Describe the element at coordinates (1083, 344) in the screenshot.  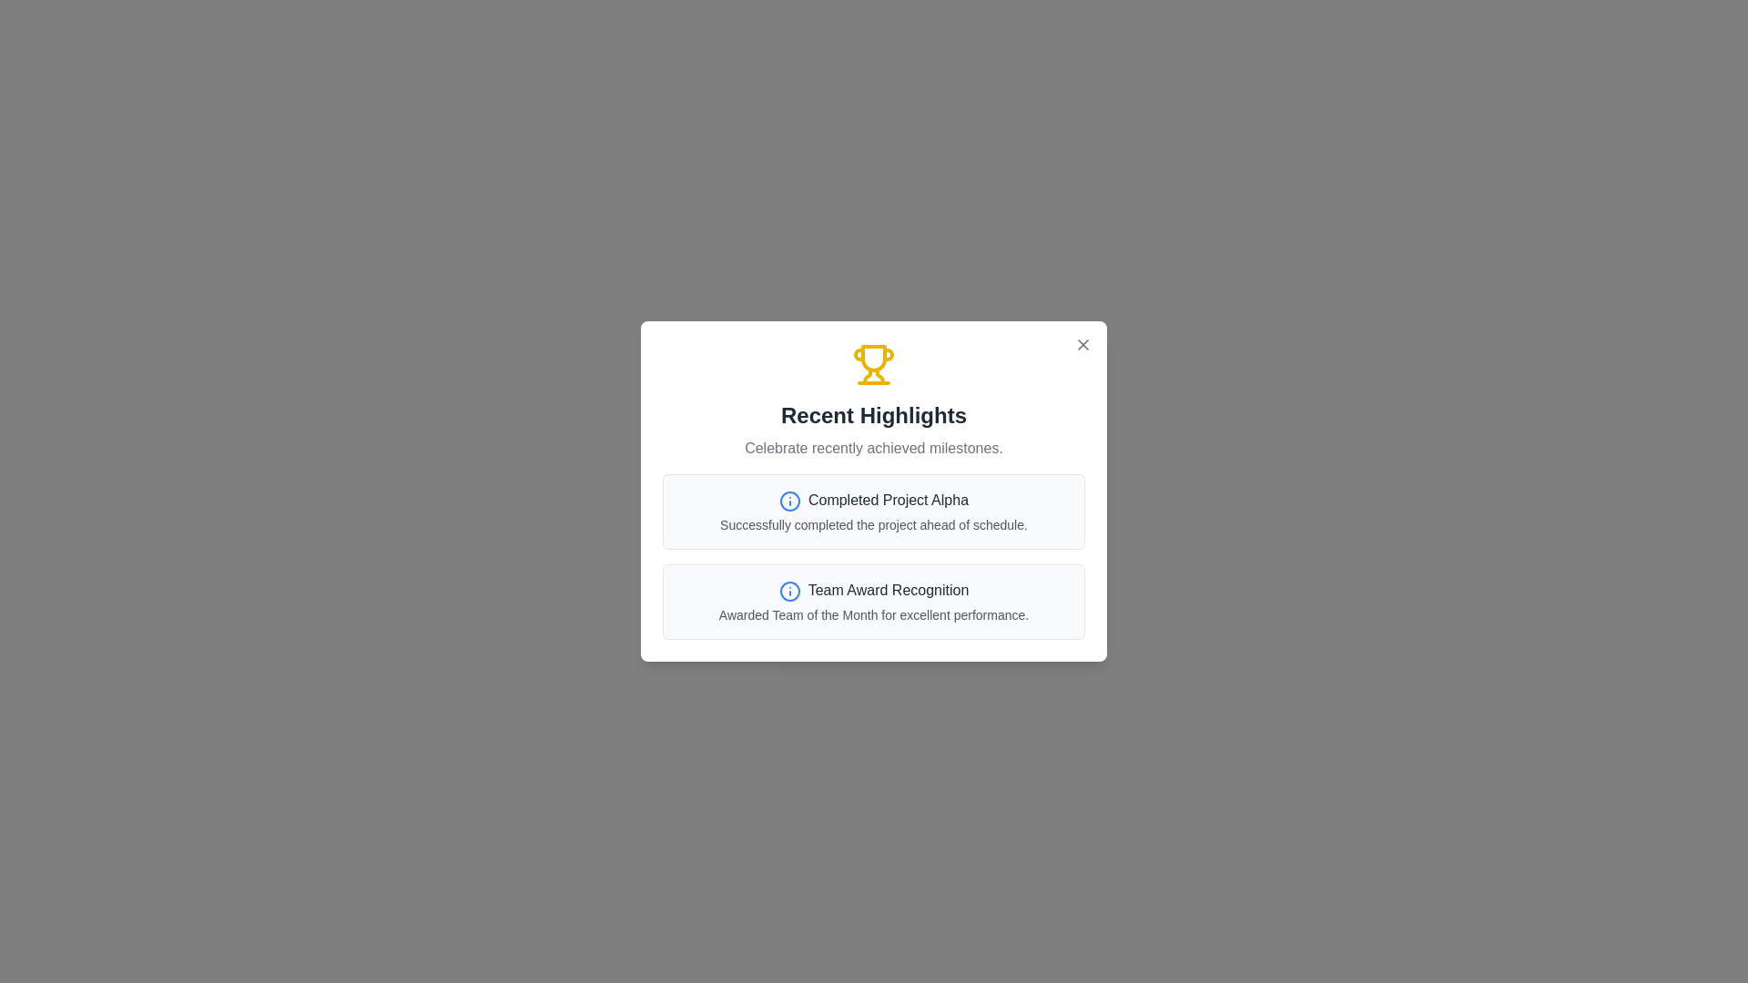
I see `the 'X' icon located in the top-right corner of the dialog box` at that location.